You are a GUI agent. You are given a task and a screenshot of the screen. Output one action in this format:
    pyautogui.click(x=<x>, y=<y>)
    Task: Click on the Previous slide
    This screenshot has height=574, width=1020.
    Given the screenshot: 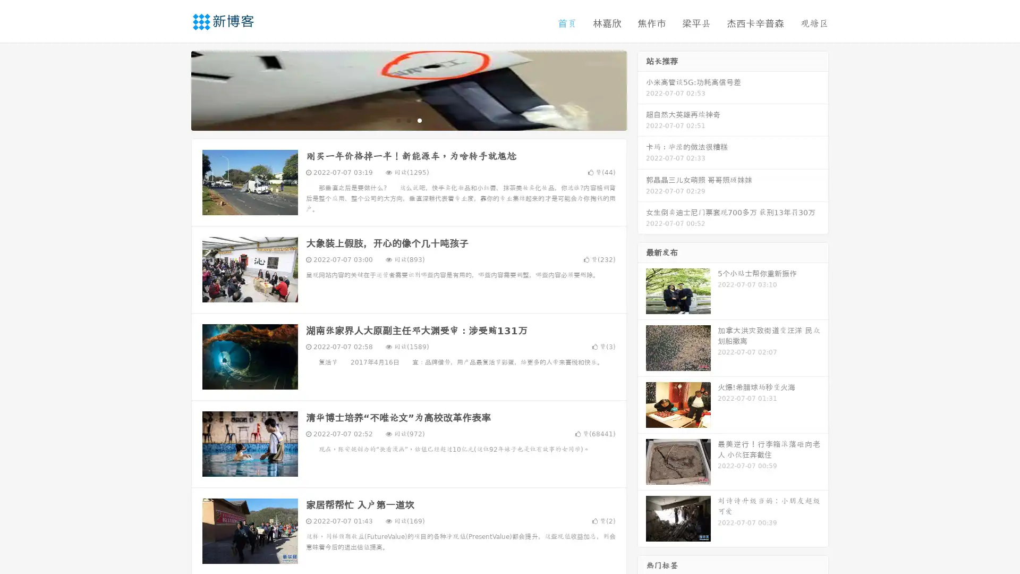 What is the action you would take?
    pyautogui.click(x=175, y=89)
    